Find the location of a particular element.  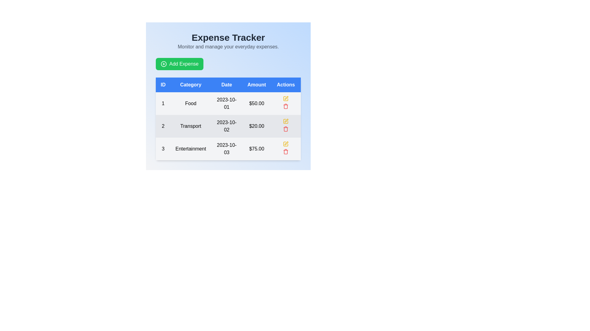

the Text label in the first column of the third row of the 'Expense Tracker' table to identify the corresponding row is located at coordinates (163, 149).